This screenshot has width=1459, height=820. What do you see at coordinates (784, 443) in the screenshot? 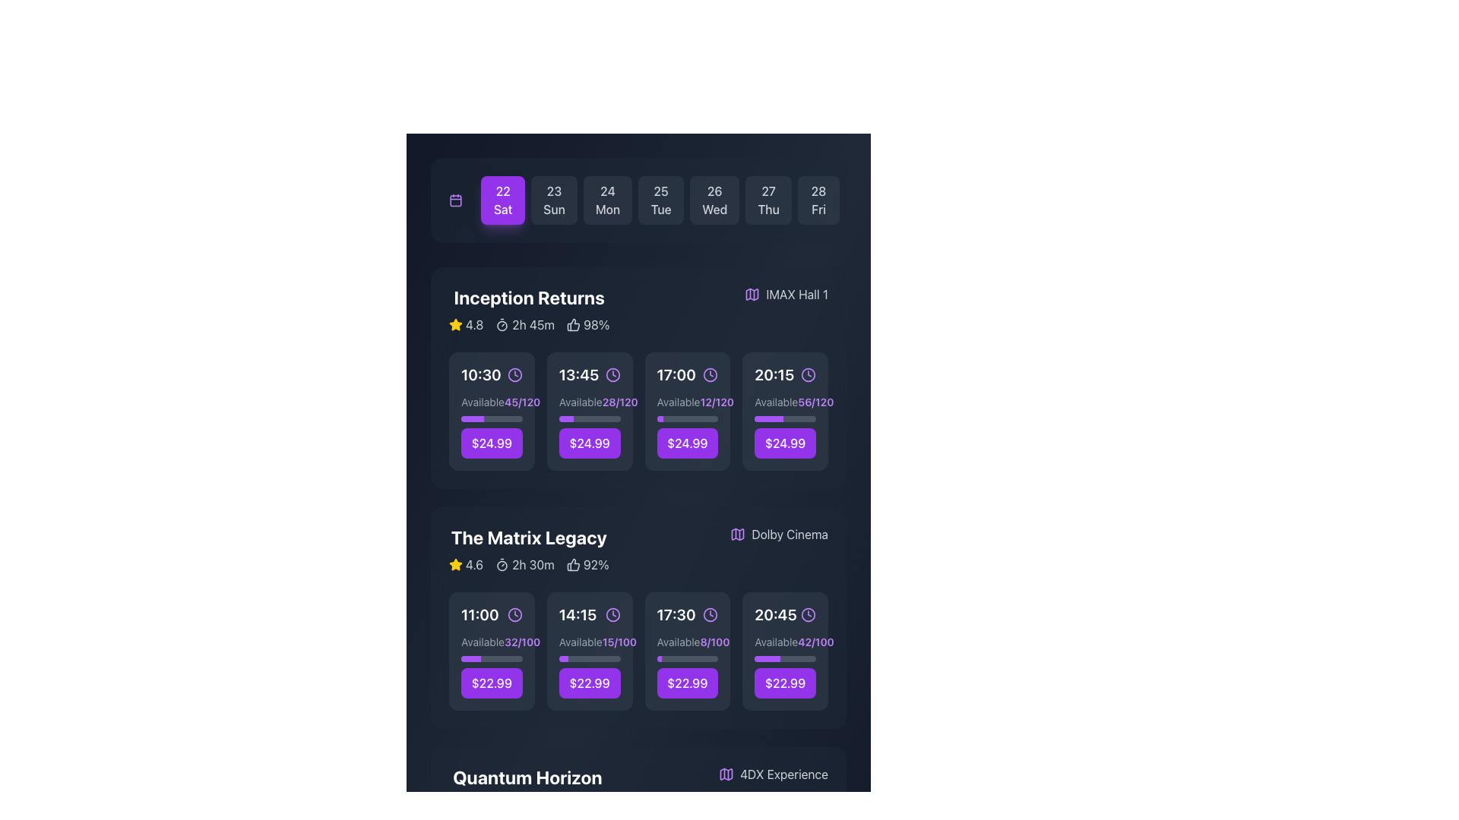
I see `the vibrant purple button displaying the price '$24.99'` at bounding box center [784, 443].